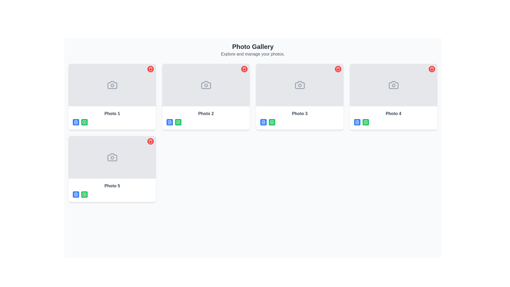  Describe the element at coordinates (252, 54) in the screenshot. I see `the Text label that provides descriptive context for the 'Photo Gallery' feature, located below the 'Photo Gallery' header` at that location.